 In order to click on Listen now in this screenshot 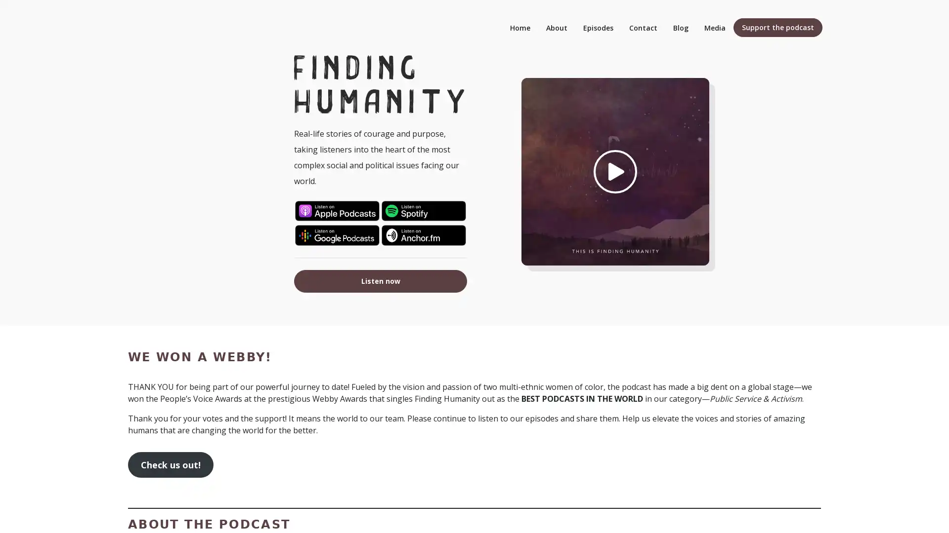, I will do `click(380, 281)`.